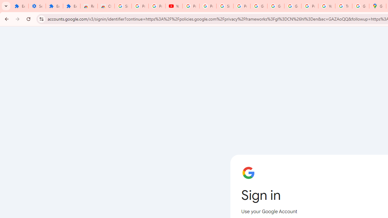  Describe the element at coordinates (106, 6) in the screenshot. I see `'Chrome Web Store - Themes'` at that location.